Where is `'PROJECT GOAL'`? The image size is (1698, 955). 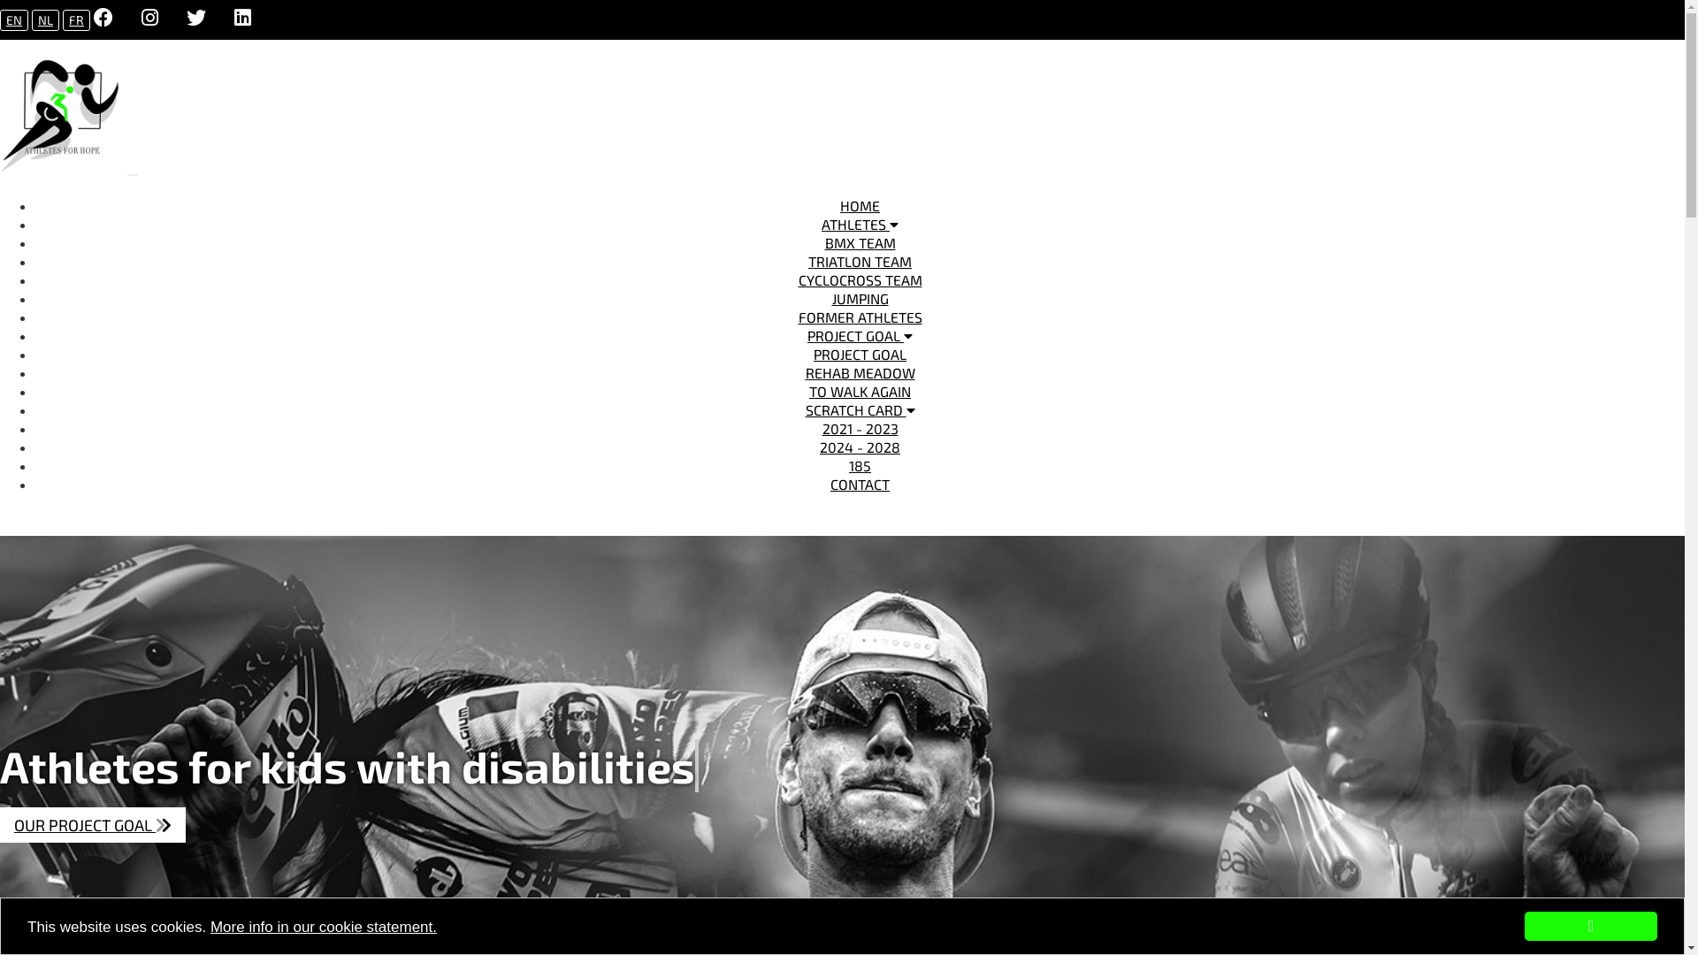 'PROJECT GOAL' is located at coordinates (860, 335).